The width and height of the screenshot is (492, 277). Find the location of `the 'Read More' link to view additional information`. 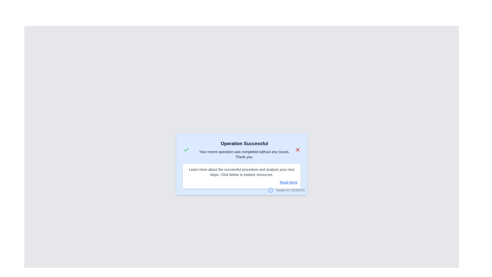

the 'Read More' link to view additional information is located at coordinates (289, 182).